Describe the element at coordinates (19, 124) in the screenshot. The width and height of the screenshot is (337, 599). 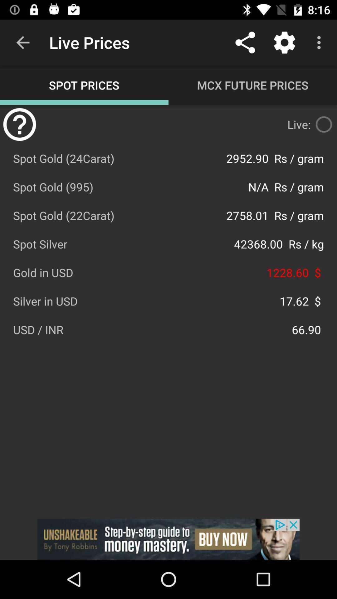
I see `the help icon` at that location.